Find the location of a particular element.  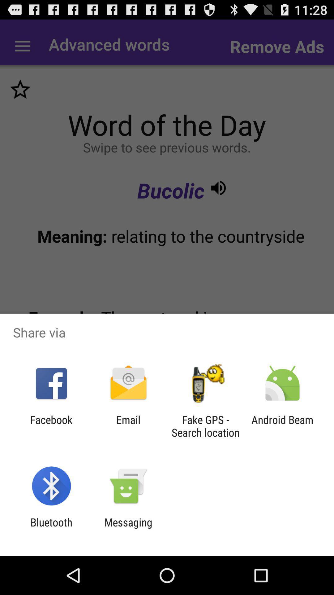

the app next to fake gps search is located at coordinates (282, 426).